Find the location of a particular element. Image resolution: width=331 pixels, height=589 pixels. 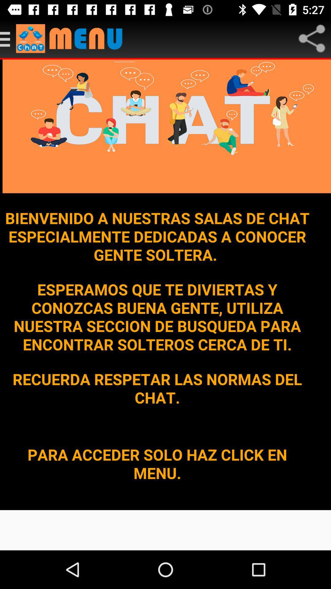

open the menu is located at coordinates (72, 38).